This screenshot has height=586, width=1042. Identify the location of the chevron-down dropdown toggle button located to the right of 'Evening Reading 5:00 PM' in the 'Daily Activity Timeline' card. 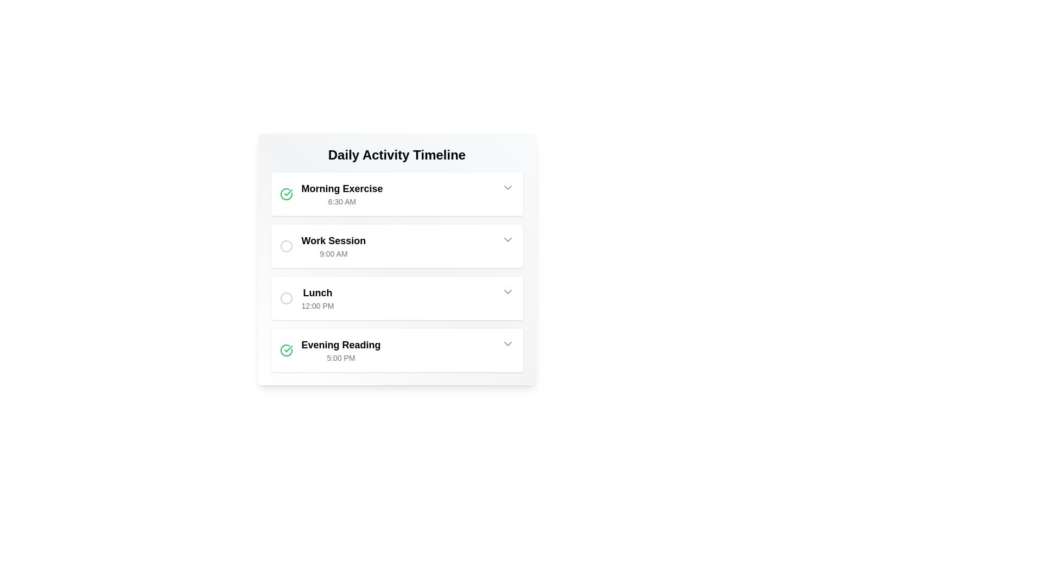
(507, 343).